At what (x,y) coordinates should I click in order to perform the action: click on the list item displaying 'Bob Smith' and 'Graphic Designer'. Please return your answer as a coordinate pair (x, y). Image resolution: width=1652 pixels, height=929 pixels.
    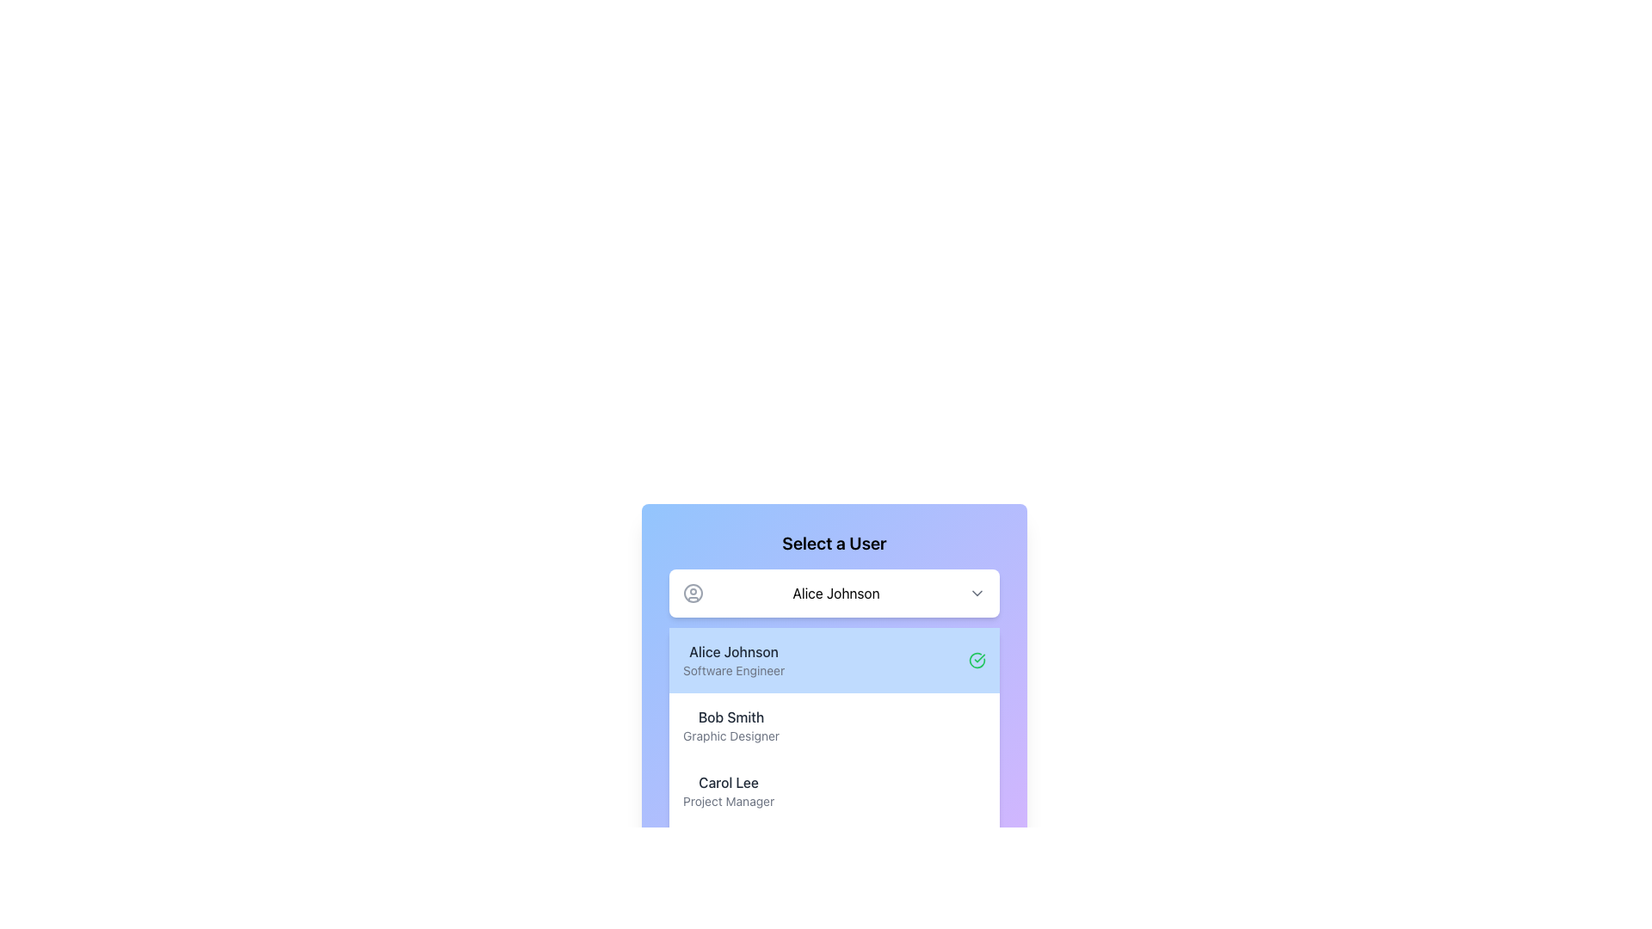
    Looking at the image, I should click on (730, 726).